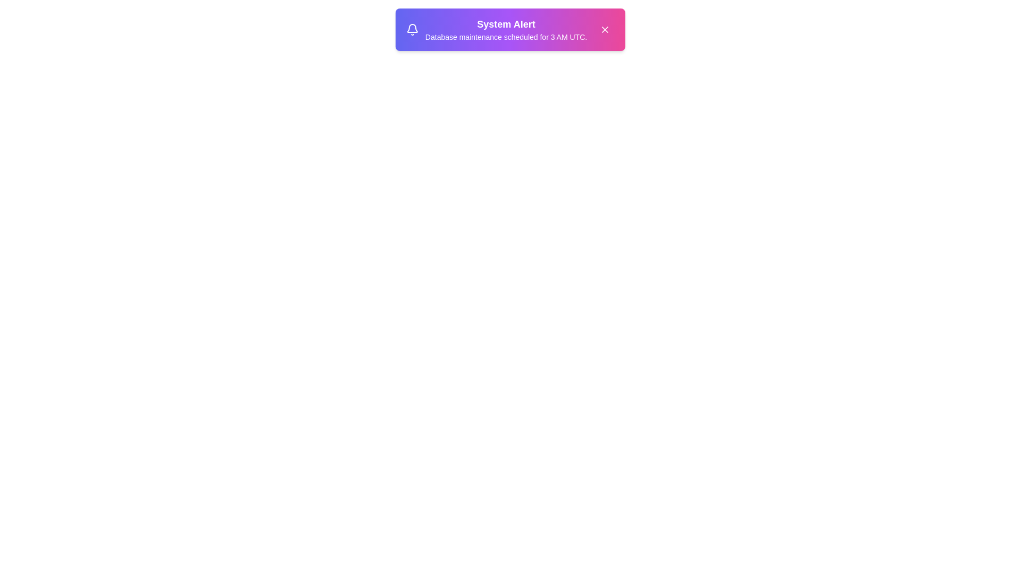  I want to click on the notification bell icon, so click(412, 29).